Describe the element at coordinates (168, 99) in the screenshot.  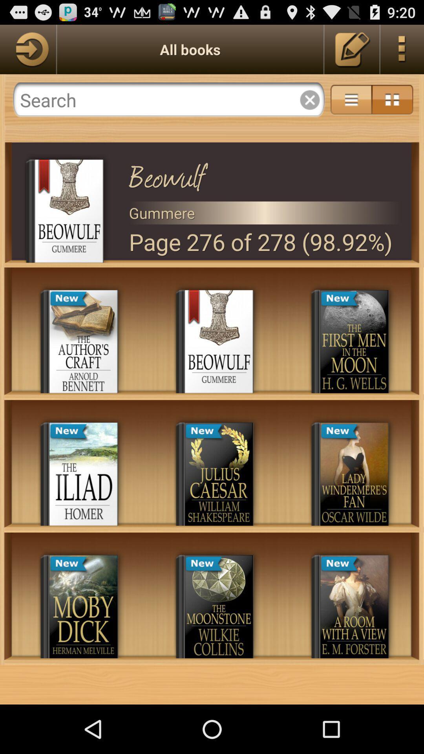
I see `search` at that location.